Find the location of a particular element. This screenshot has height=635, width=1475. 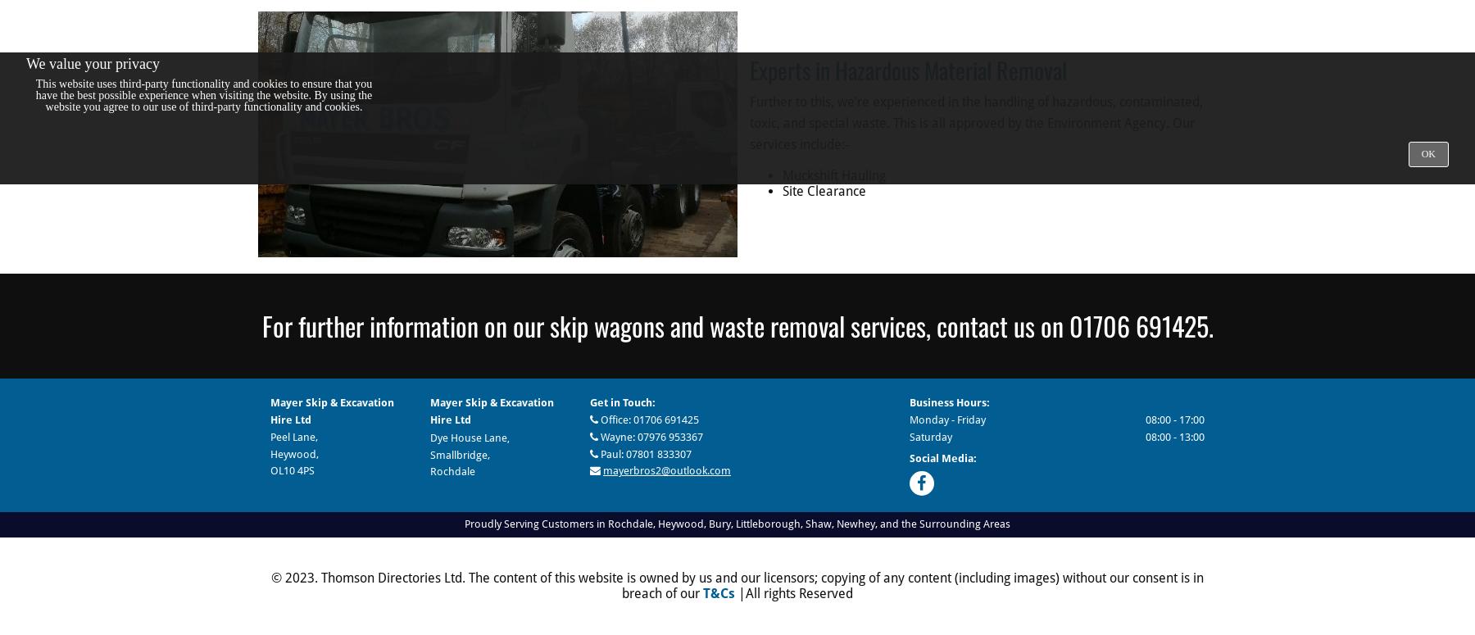

'Monday - Friday' is located at coordinates (908, 418).